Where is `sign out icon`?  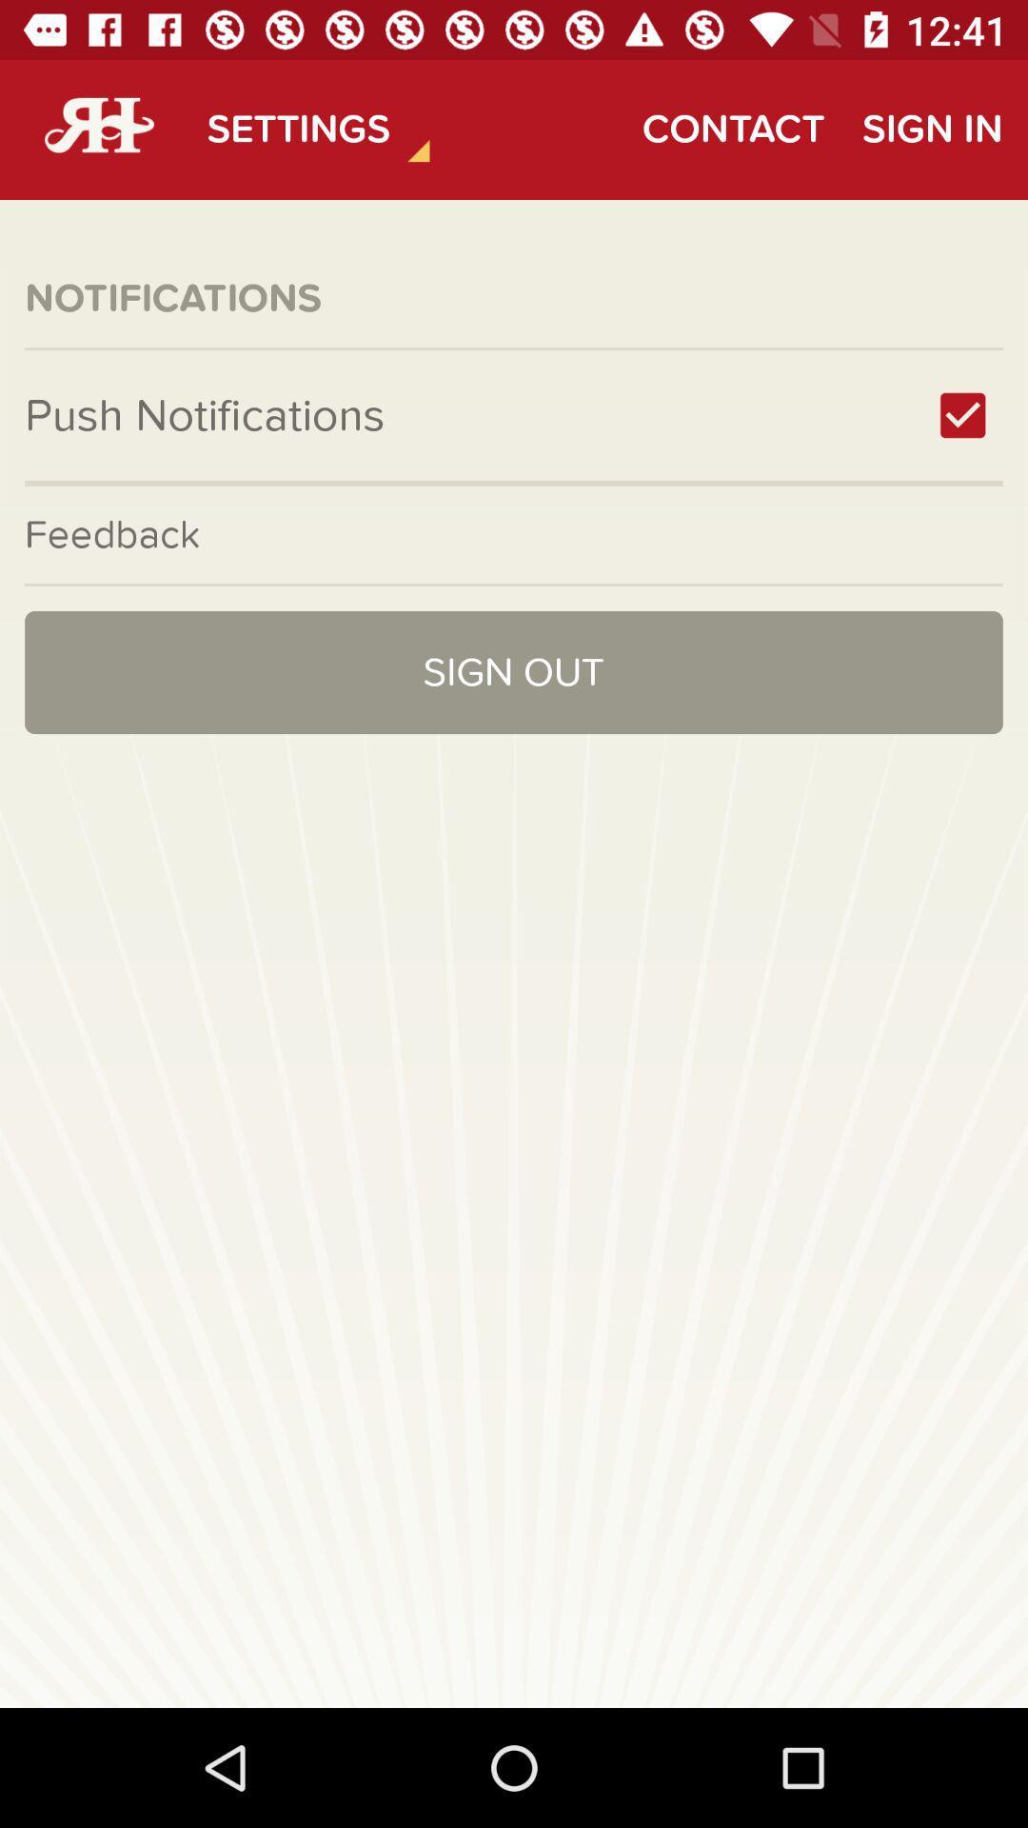 sign out icon is located at coordinates (514, 672).